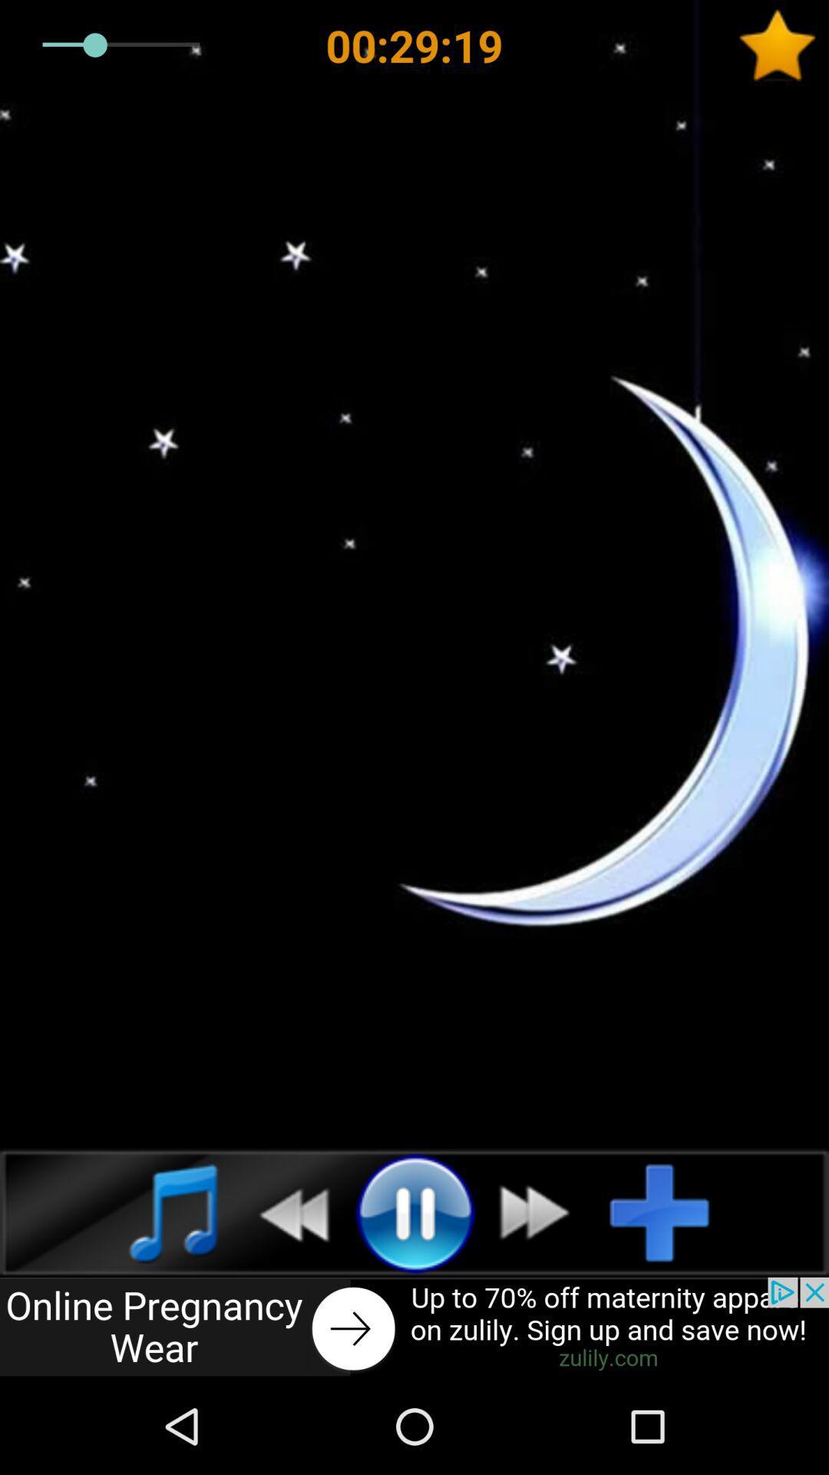 Image resolution: width=829 pixels, height=1475 pixels. What do you see at coordinates (414, 1327) in the screenshot?
I see `click on the advertised site` at bounding box center [414, 1327].